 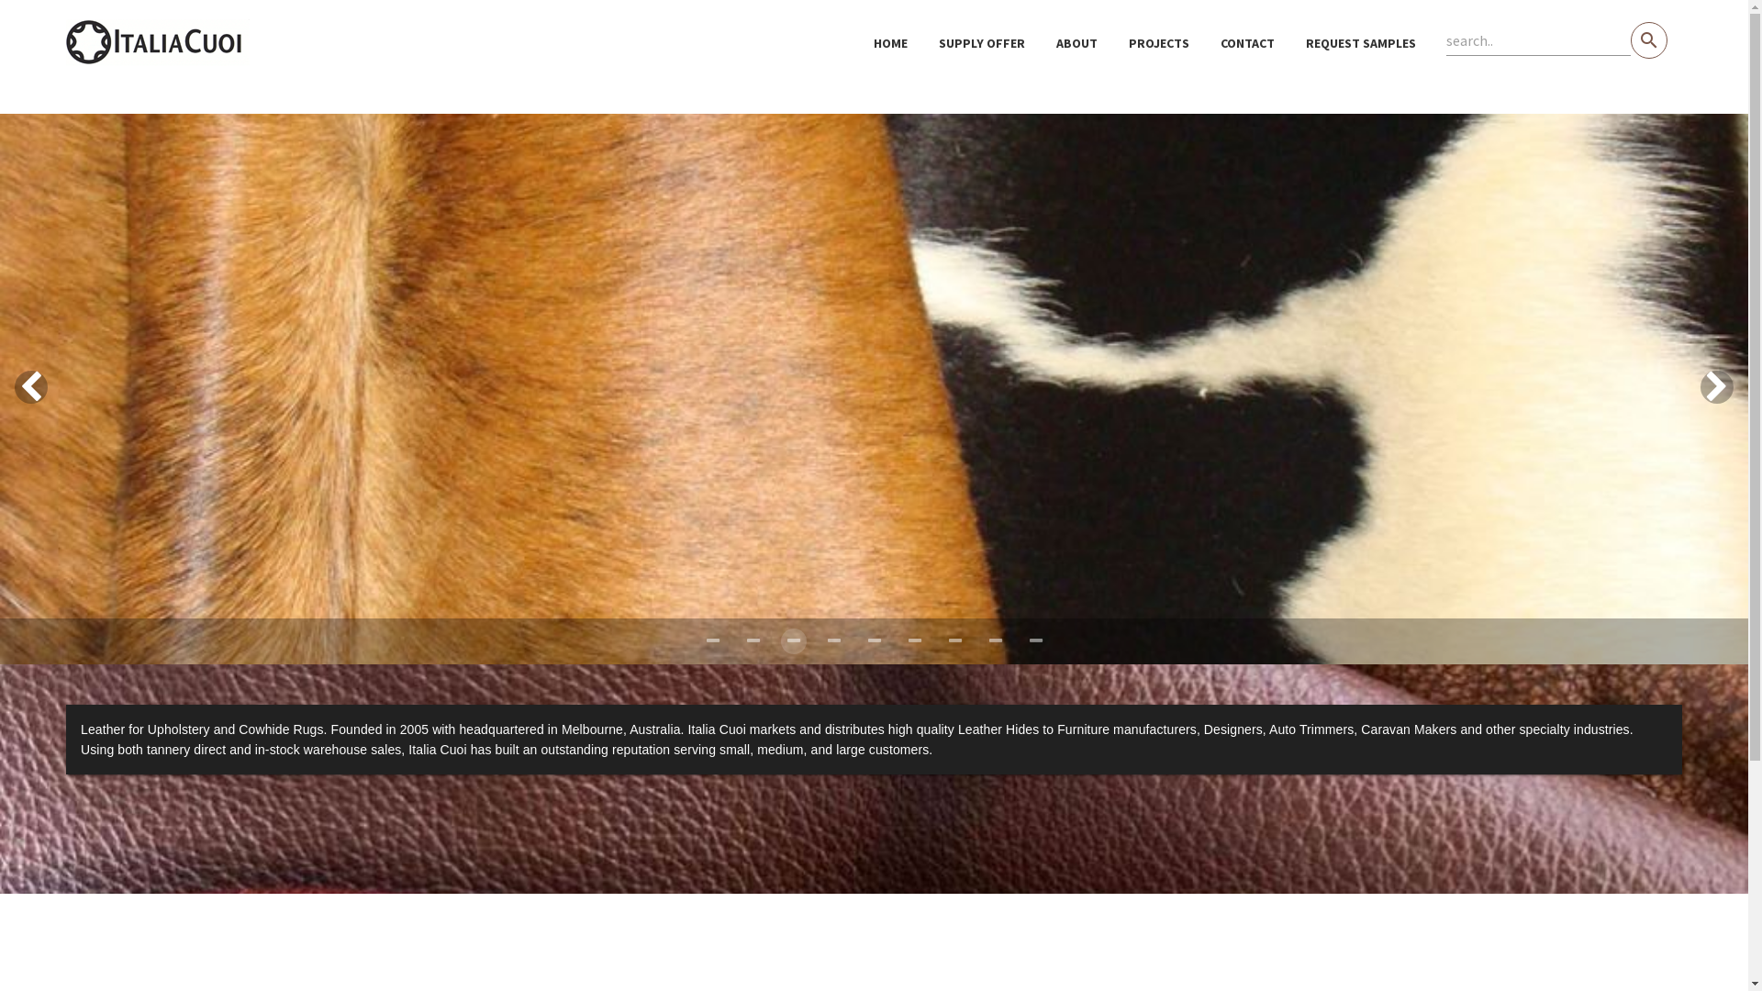 I want to click on 'HOME', so click(x=890, y=41).